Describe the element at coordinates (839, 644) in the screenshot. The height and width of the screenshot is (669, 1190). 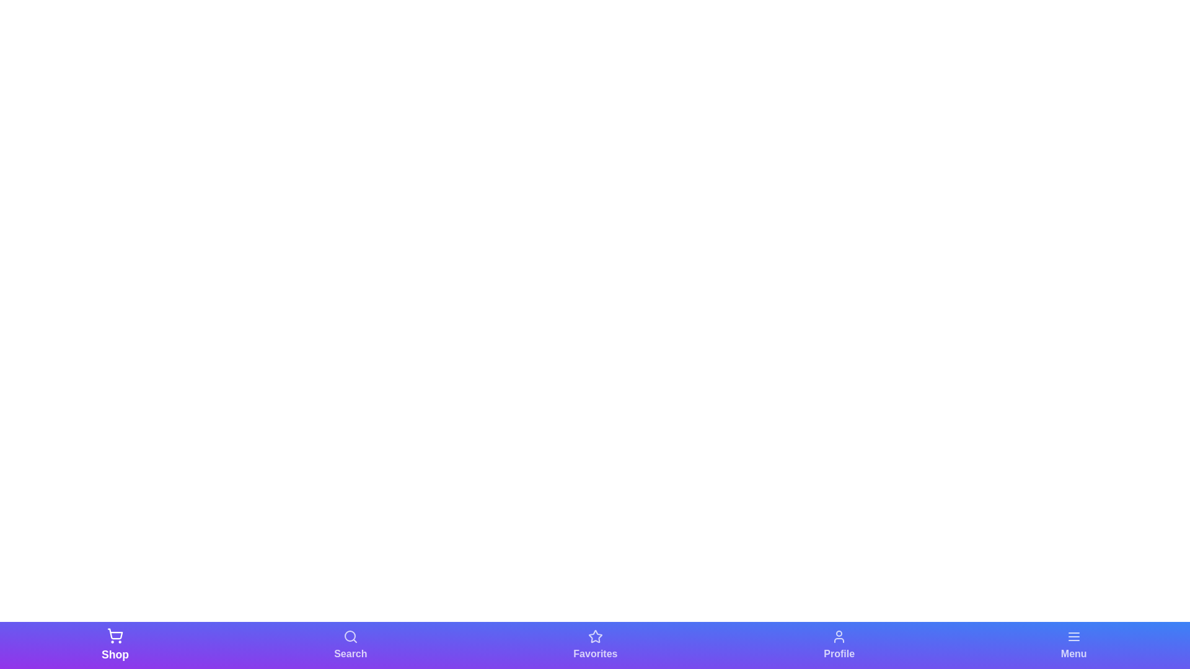
I see `the navigation bar icon corresponding to Profile` at that location.